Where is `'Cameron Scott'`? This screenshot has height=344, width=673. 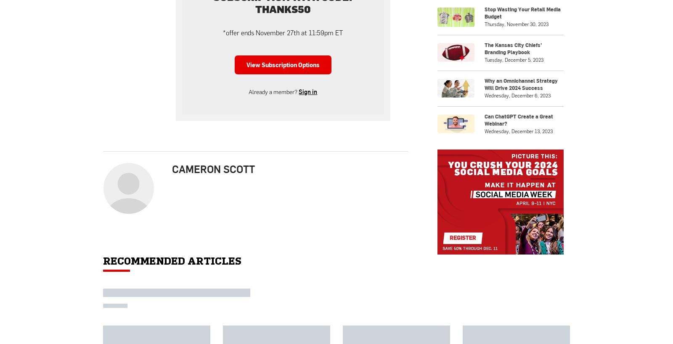
'Cameron Scott' is located at coordinates (171, 168).